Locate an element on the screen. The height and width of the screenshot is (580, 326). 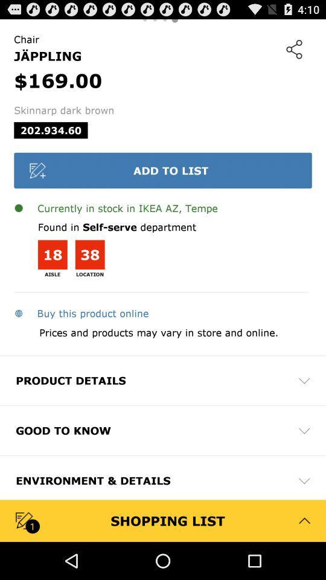
the share icon is located at coordinates (293, 53).